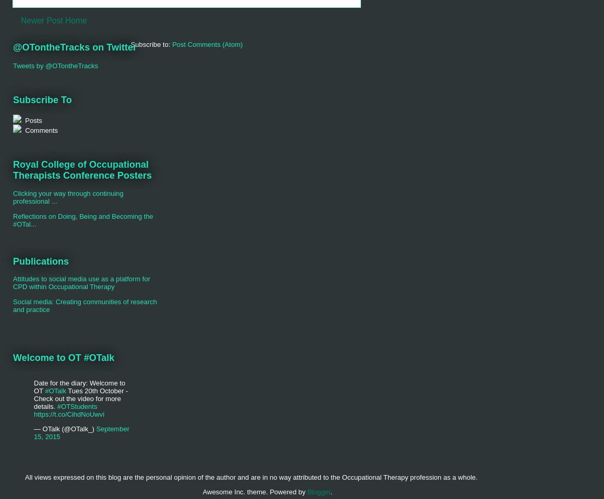  Describe the element at coordinates (207, 44) in the screenshot. I see `'Post Comments (Atom)'` at that location.